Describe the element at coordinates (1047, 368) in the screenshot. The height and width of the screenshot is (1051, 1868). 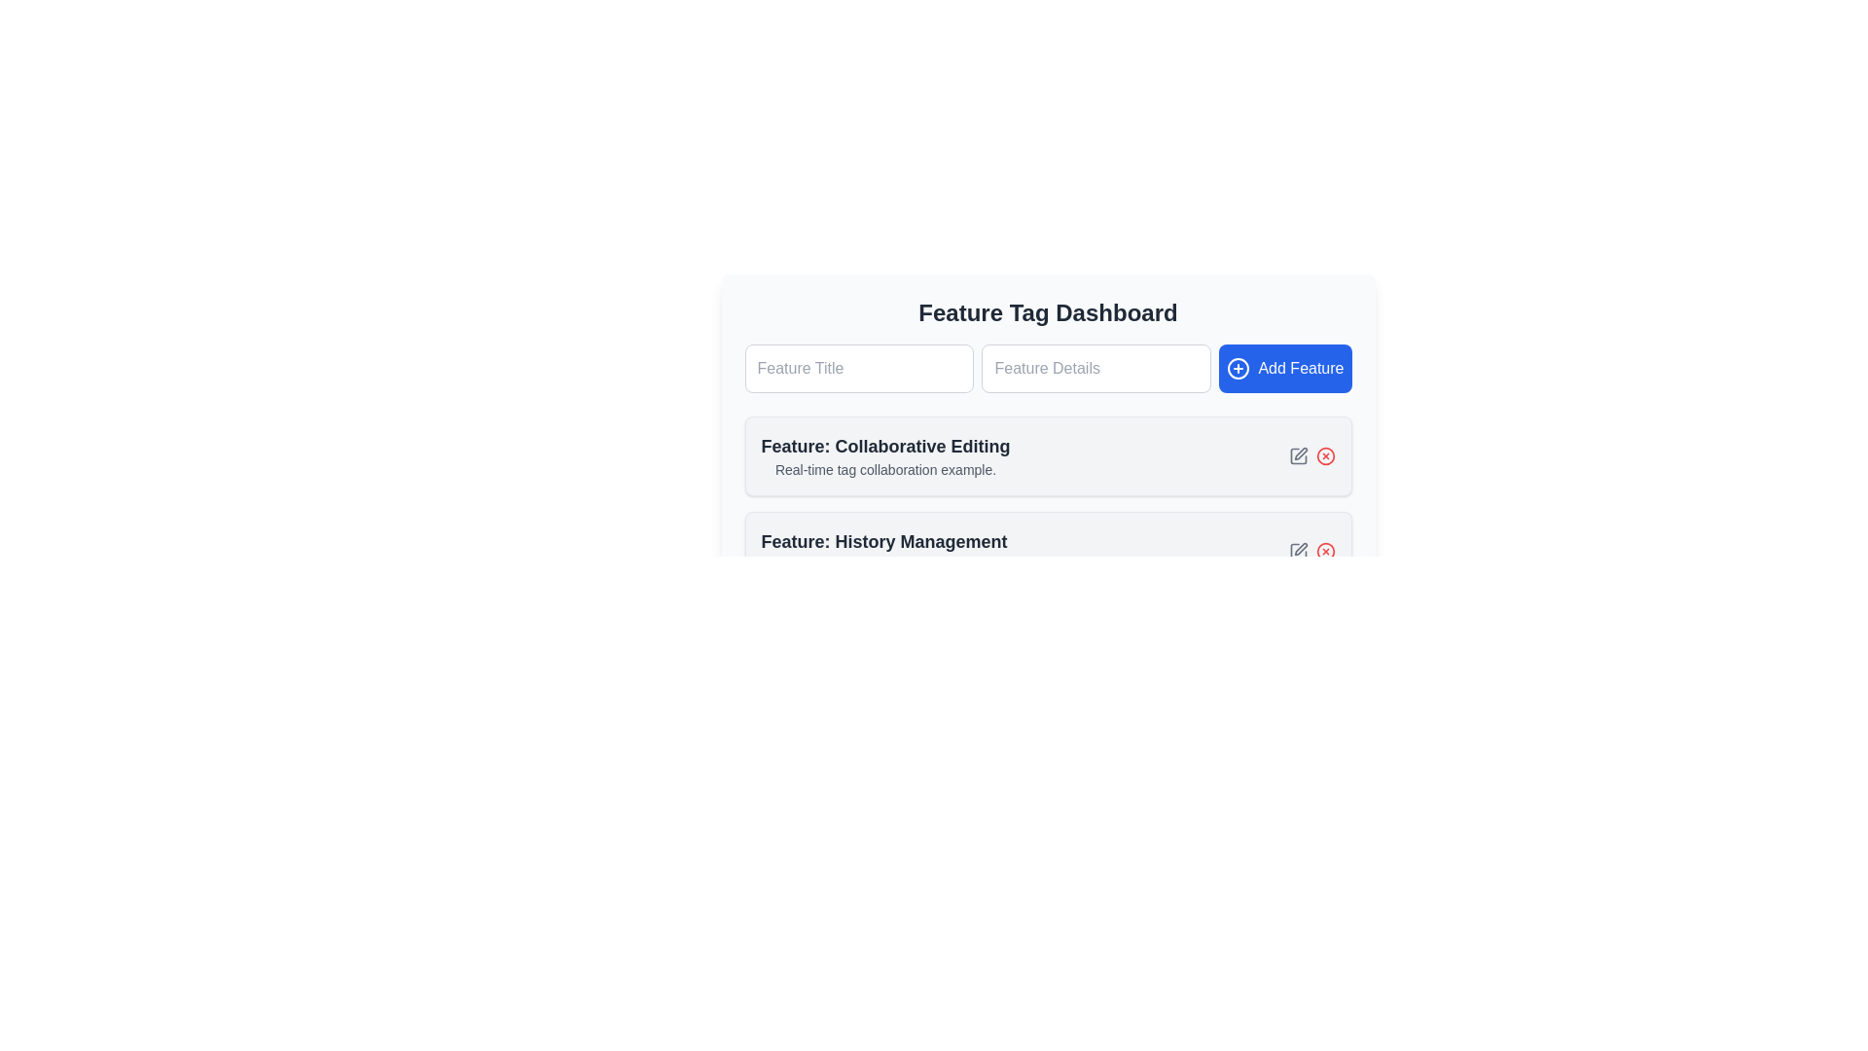
I see `the text input field with the placeholder 'Feature Details' located below the 'Feature Tag Dashboard' header` at that location.